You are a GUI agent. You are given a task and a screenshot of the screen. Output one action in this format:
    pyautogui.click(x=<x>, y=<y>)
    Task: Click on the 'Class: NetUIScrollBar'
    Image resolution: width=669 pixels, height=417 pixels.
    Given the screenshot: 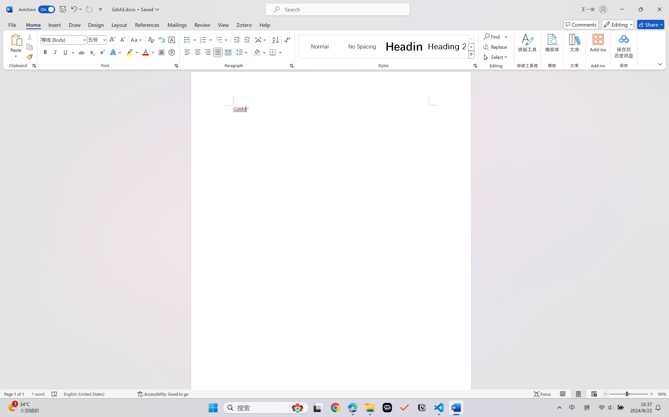 What is the action you would take?
    pyautogui.click(x=665, y=229)
    